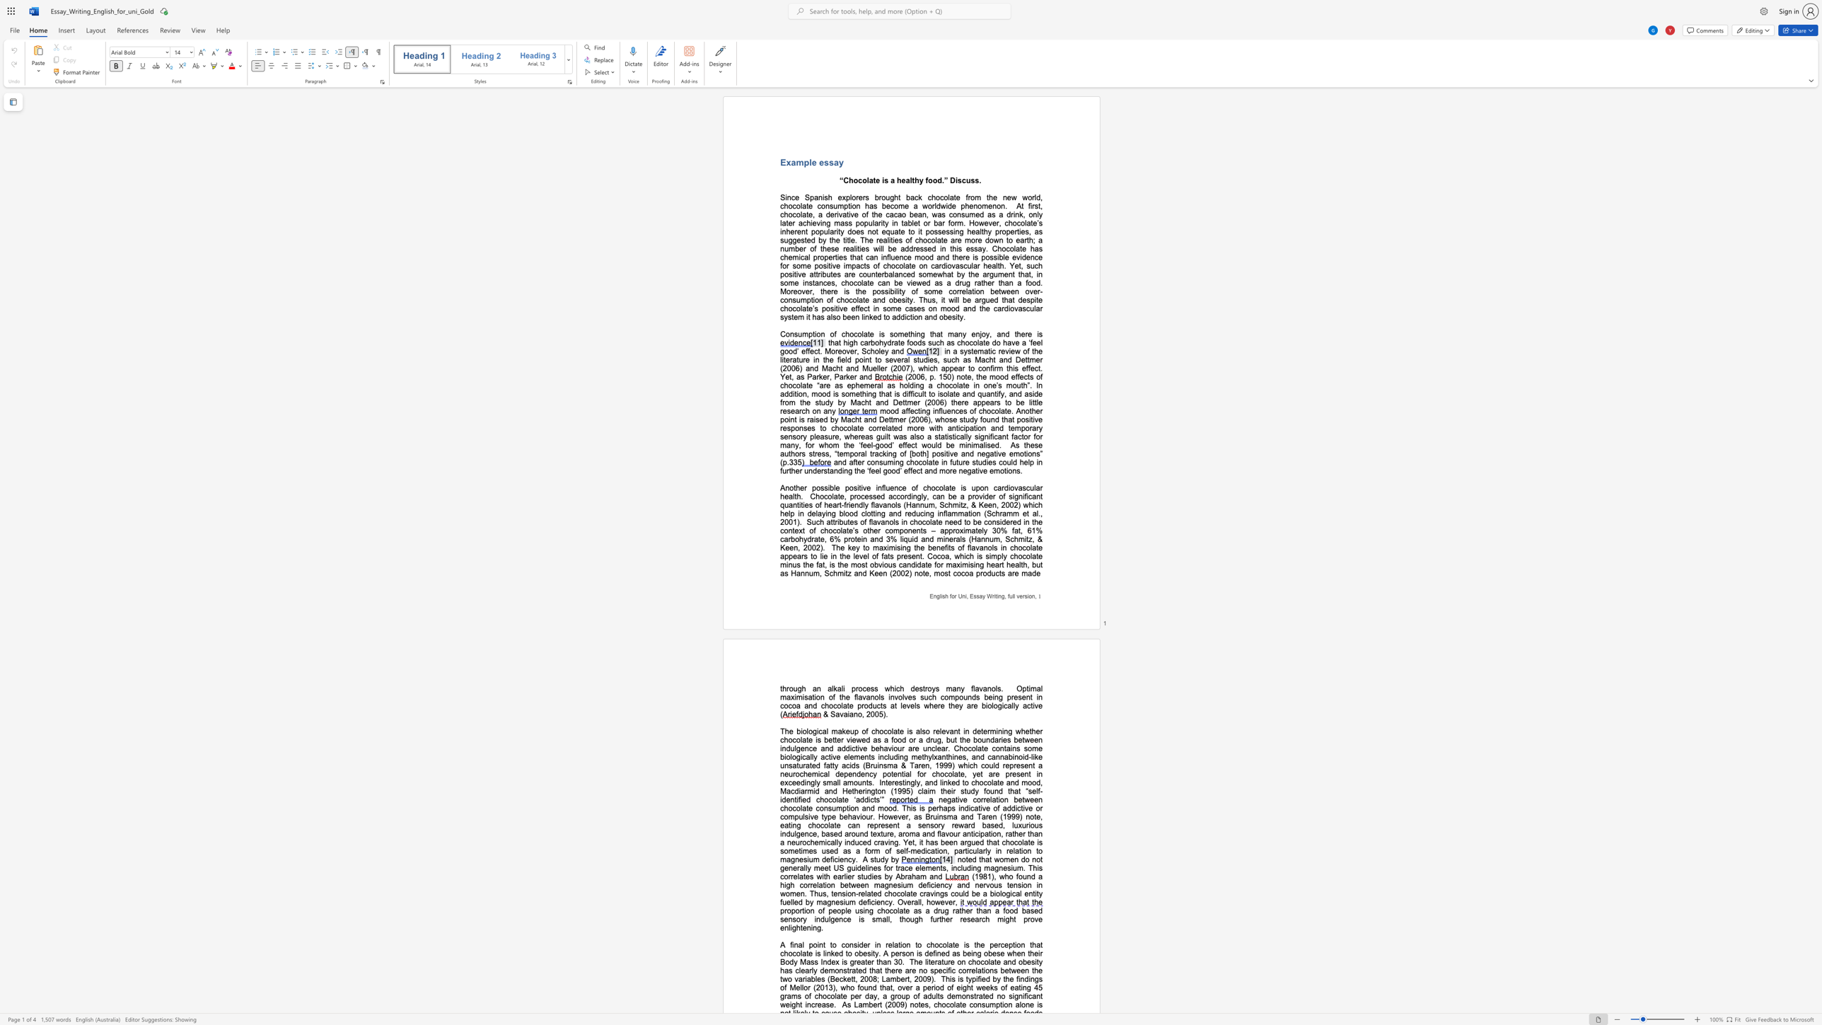 The height and width of the screenshot is (1025, 1822). Describe the element at coordinates (894, 461) in the screenshot. I see `the subset text "ng chocolate in future studies could help in further understanding the ‘feel good’ eff" within the text "and after consuming chocolate in future studies could help in further understanding the ‘feel good’ effect and more negative emotions."` at that location.